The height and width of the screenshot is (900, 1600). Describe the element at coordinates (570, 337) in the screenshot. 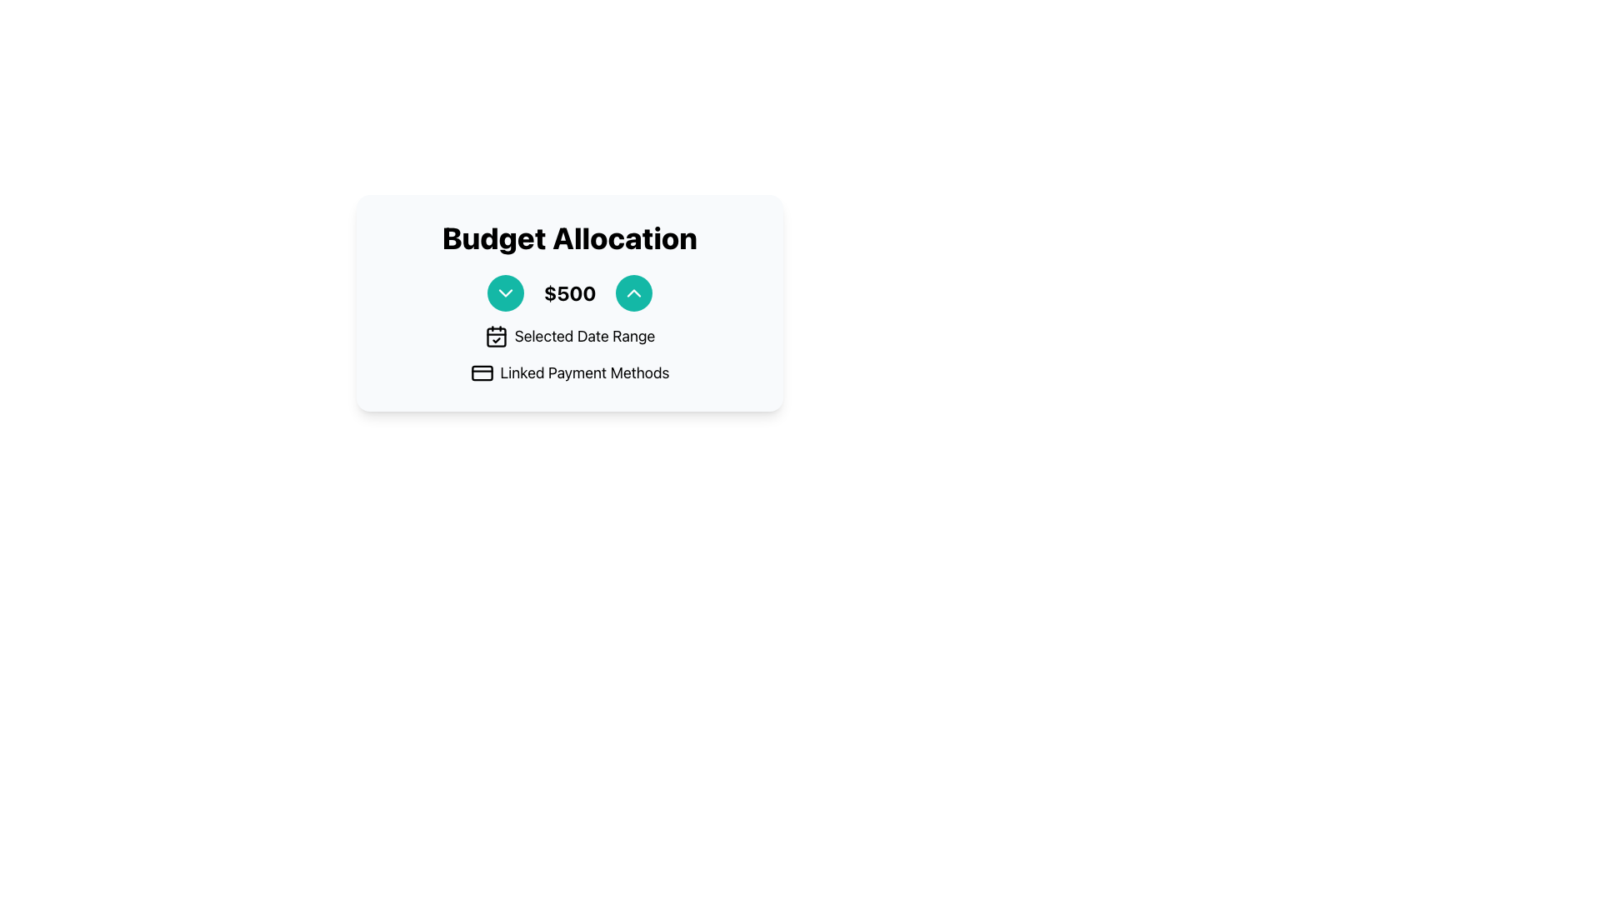

I see `the non-interactive informational element that displays a selected date range, located above the 'Linked Payment Methods' item` at that location.